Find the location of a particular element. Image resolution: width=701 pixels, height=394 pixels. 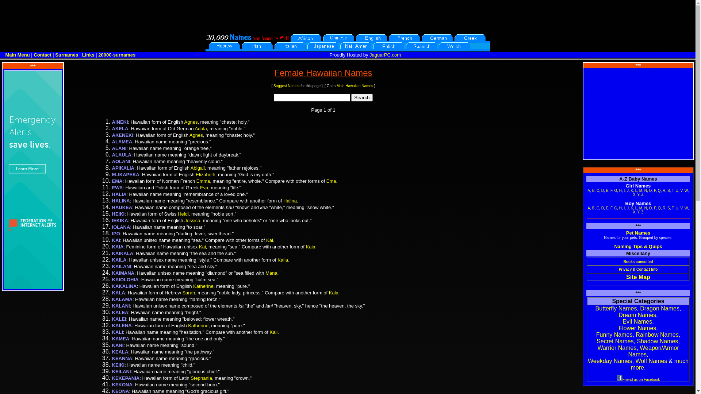

'Pet Names' is located at coordinates (637, 232).